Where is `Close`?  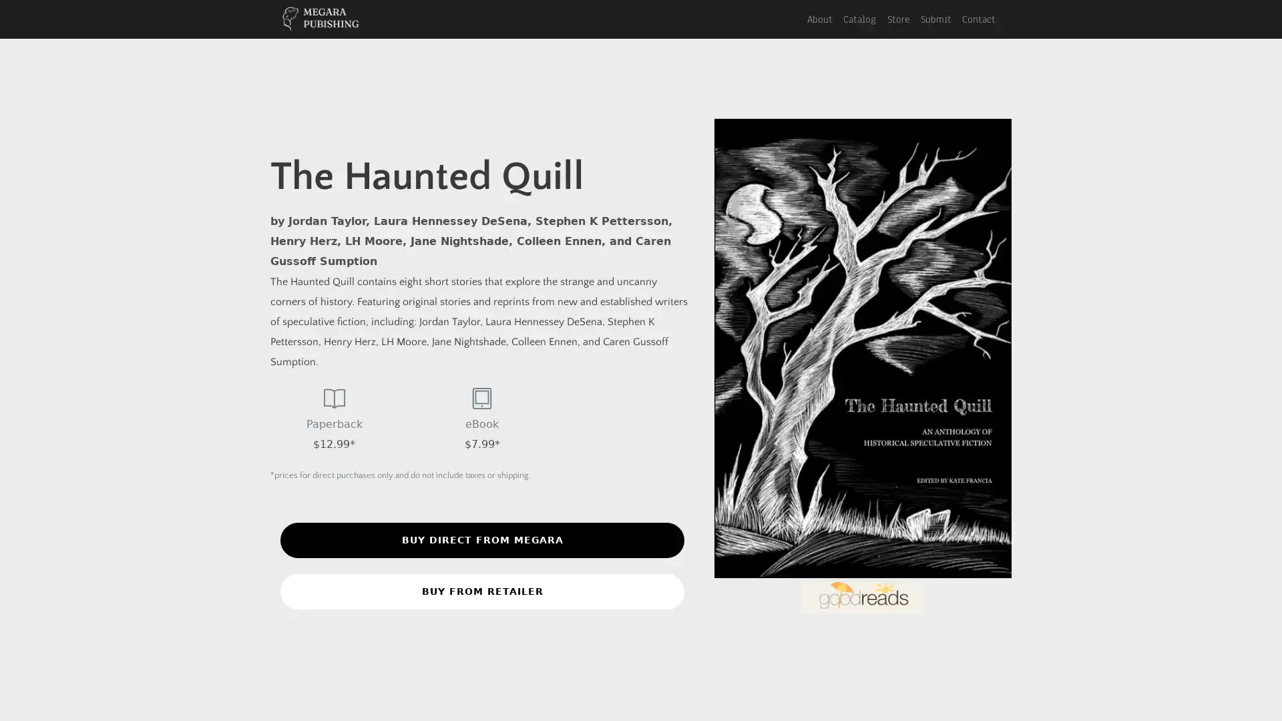
Close is located at coordinates (792, 37).